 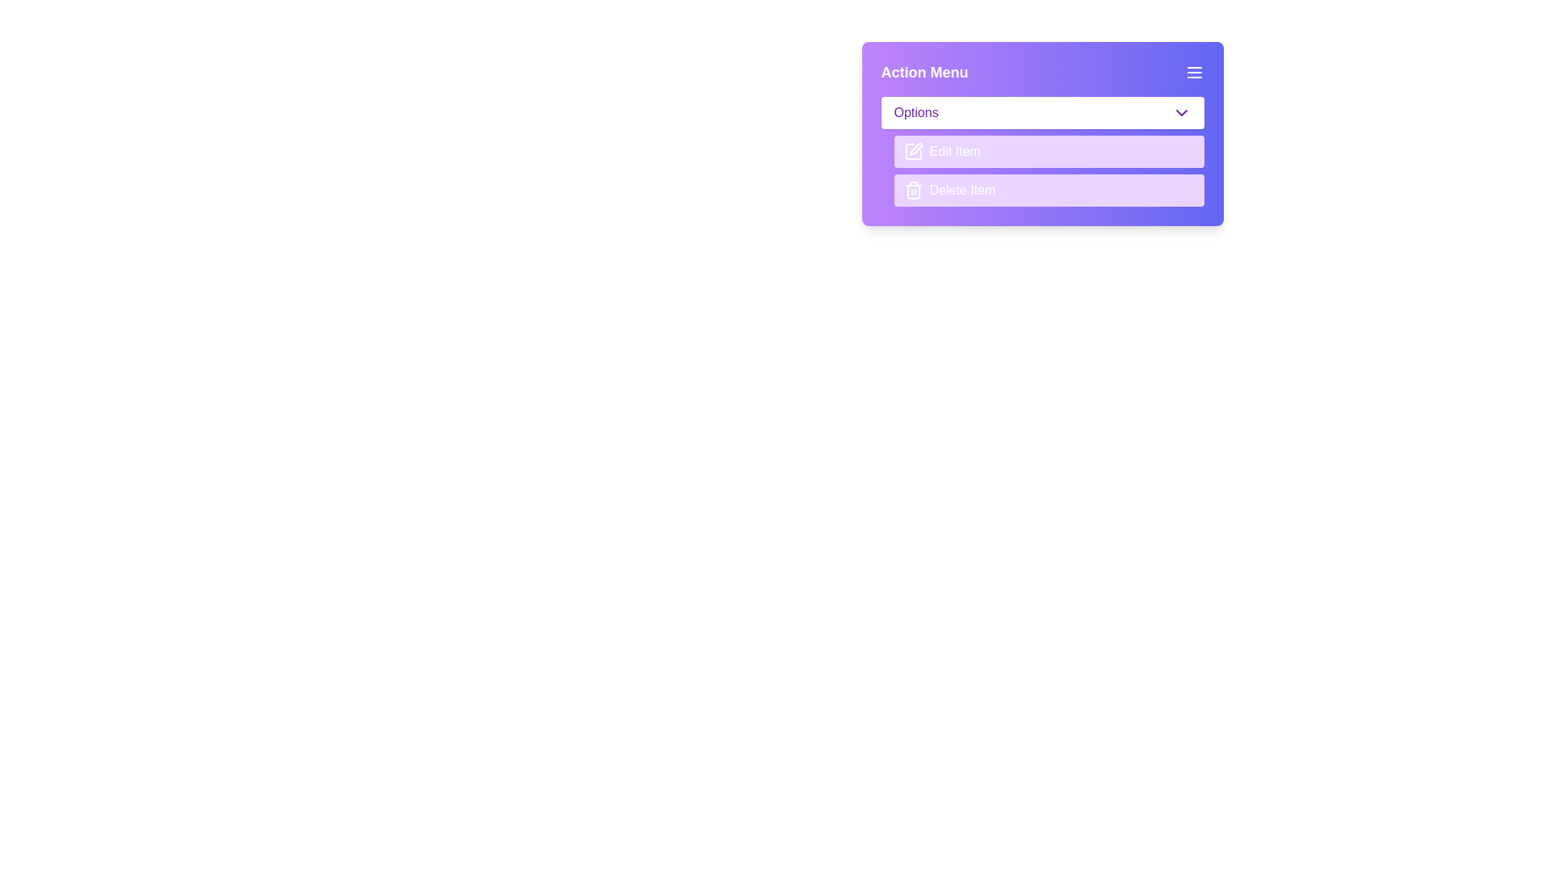 What do you see at coordinates (915, 149) in the screenshot?
I see `the decorative icon associated with the 'Edit Item' action, located to the left of the 'Edit Item' label in the action menu` at bounding box center [915, 149].